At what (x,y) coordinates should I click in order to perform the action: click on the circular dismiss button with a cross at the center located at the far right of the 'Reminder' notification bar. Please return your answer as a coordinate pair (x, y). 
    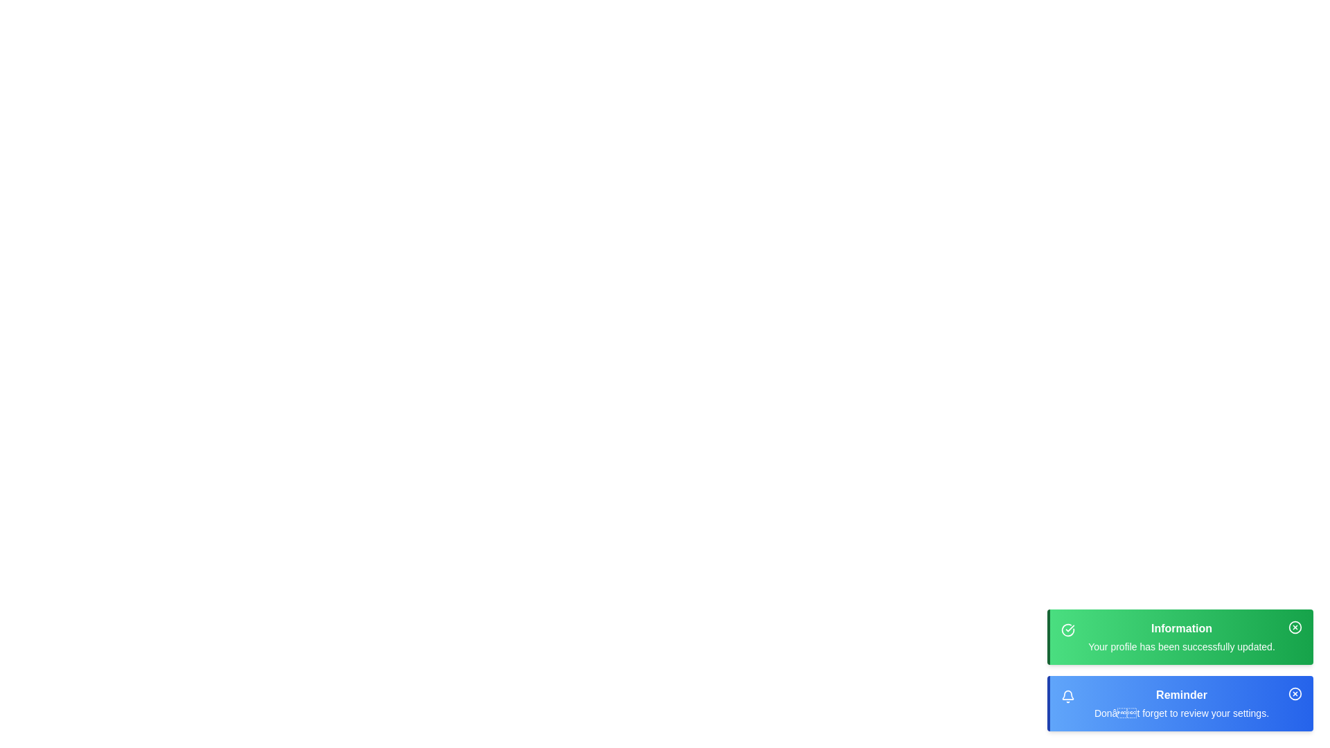
    Looking at the image, I should click on (1295, 694).